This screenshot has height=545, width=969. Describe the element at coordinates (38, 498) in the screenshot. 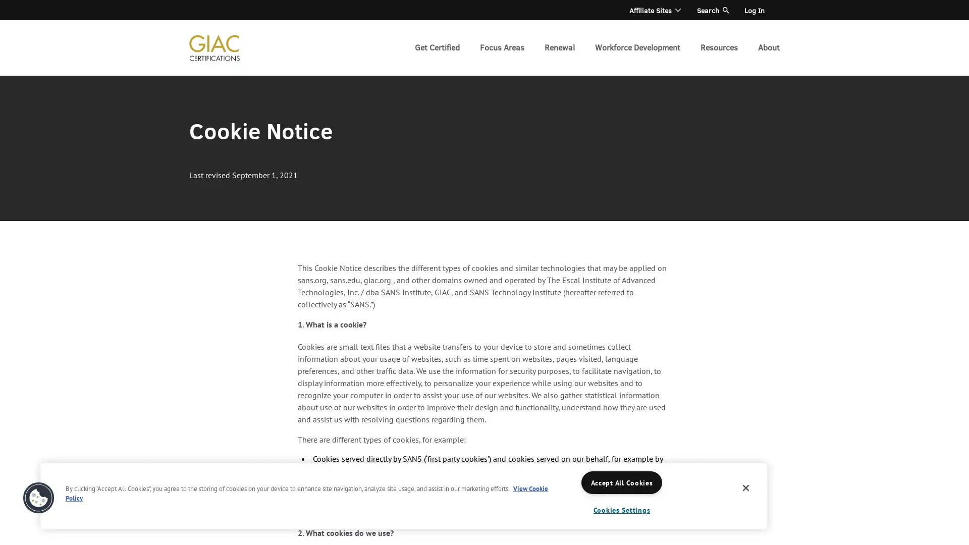

I see `Cookies` at that location.